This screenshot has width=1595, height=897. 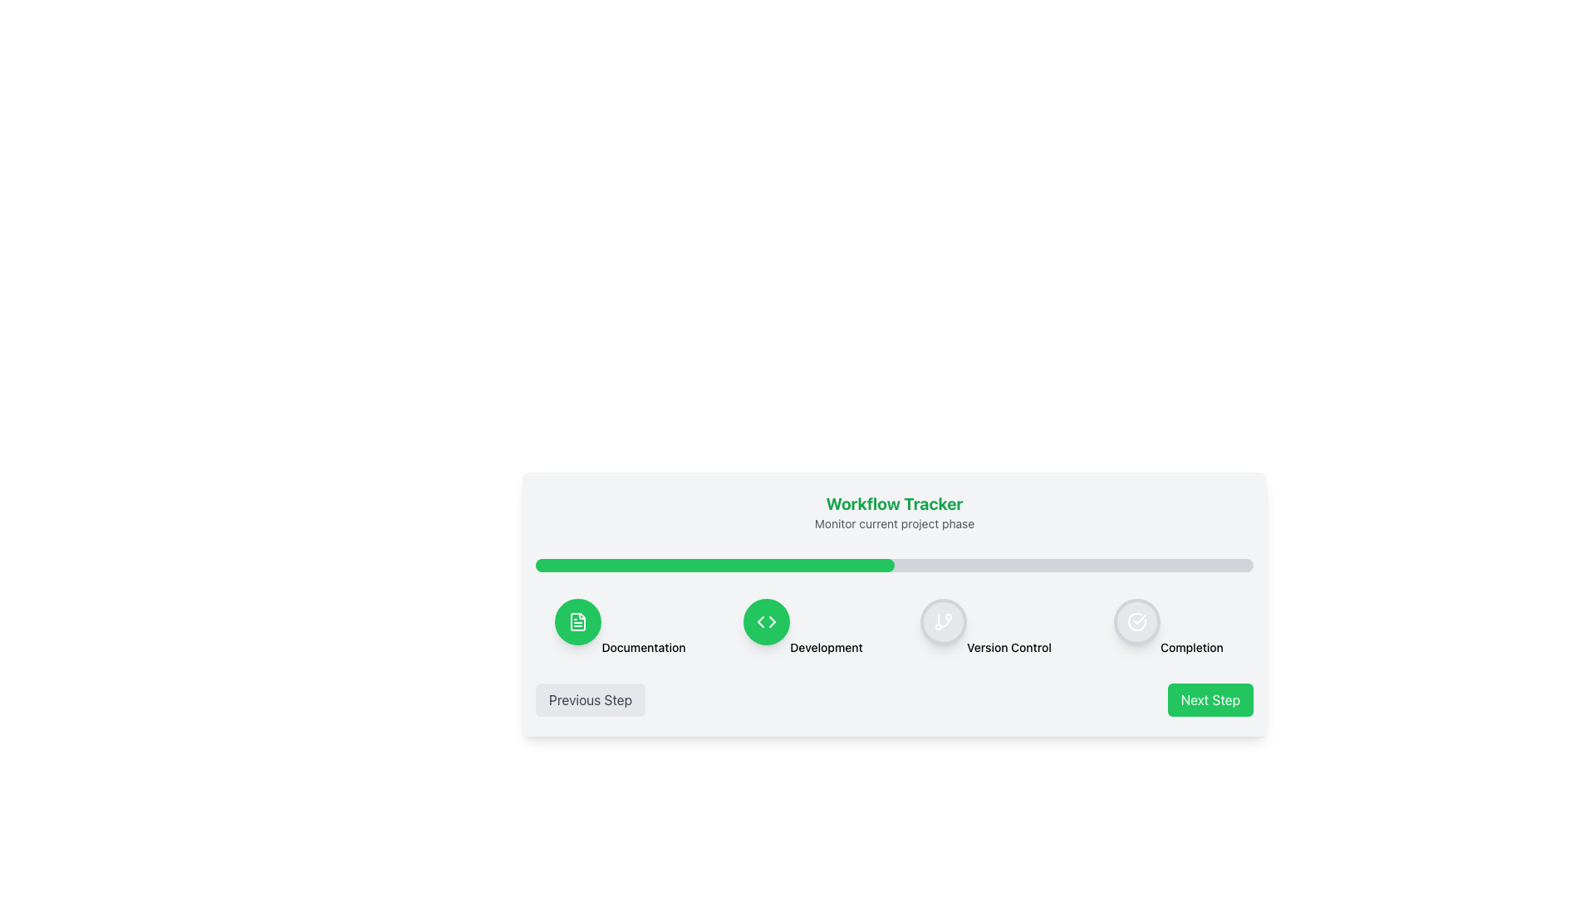 What do you see at coordinates (893, 502) in the screenshot?
I see `the 'Workflow Tracker' text label, which is bold, large, and green, located at the top of the main content area above a progress bar` at bounding box center [893, 502].